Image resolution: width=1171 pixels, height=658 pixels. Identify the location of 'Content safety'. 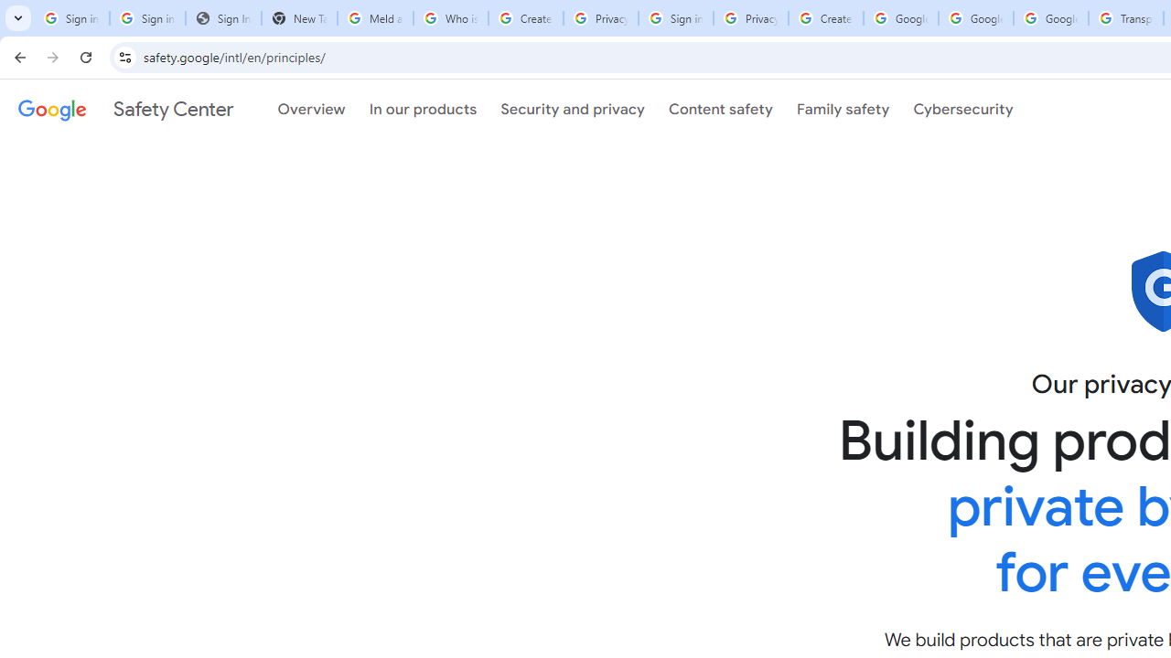
(719, 109).